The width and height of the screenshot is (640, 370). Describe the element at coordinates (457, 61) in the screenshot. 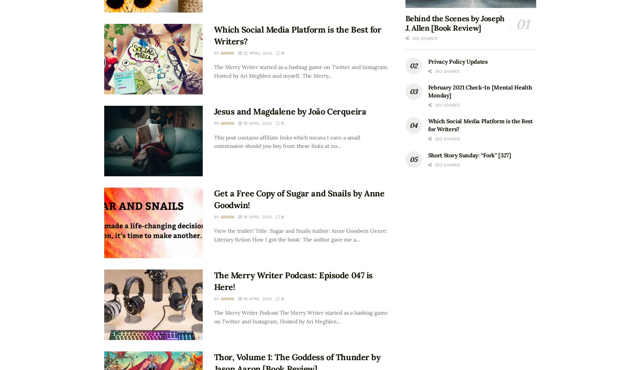

I see `'Privacy Policy Updates'` at that location.